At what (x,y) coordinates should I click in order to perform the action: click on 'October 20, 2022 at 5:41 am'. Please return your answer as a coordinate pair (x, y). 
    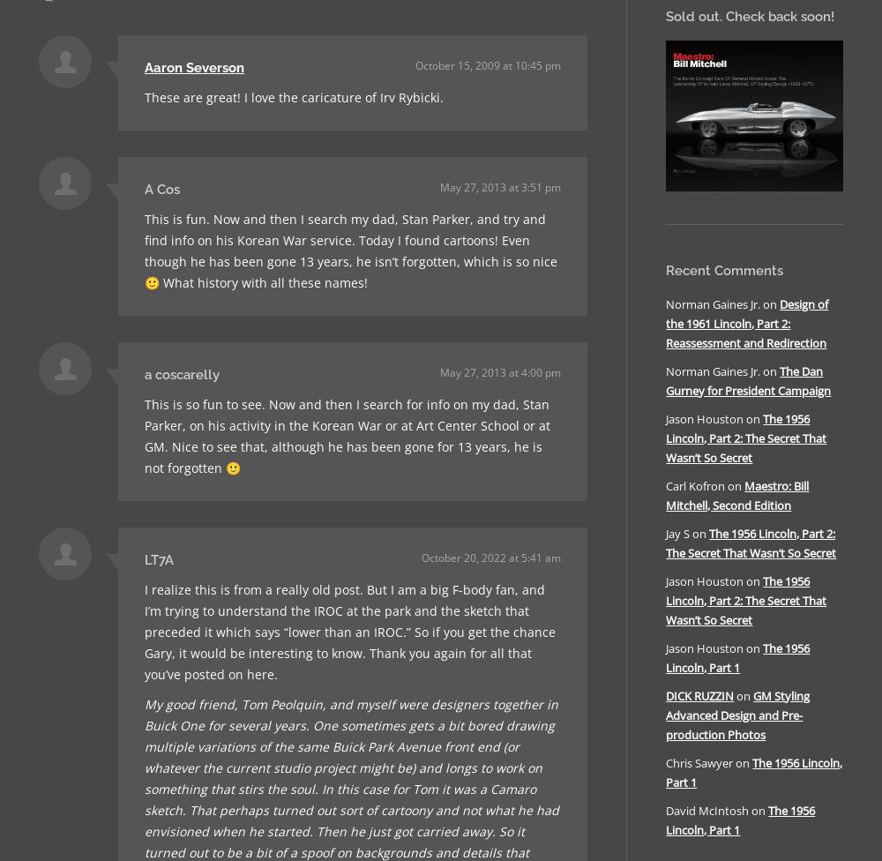
    Looking at the image, I should click on (421, 557).